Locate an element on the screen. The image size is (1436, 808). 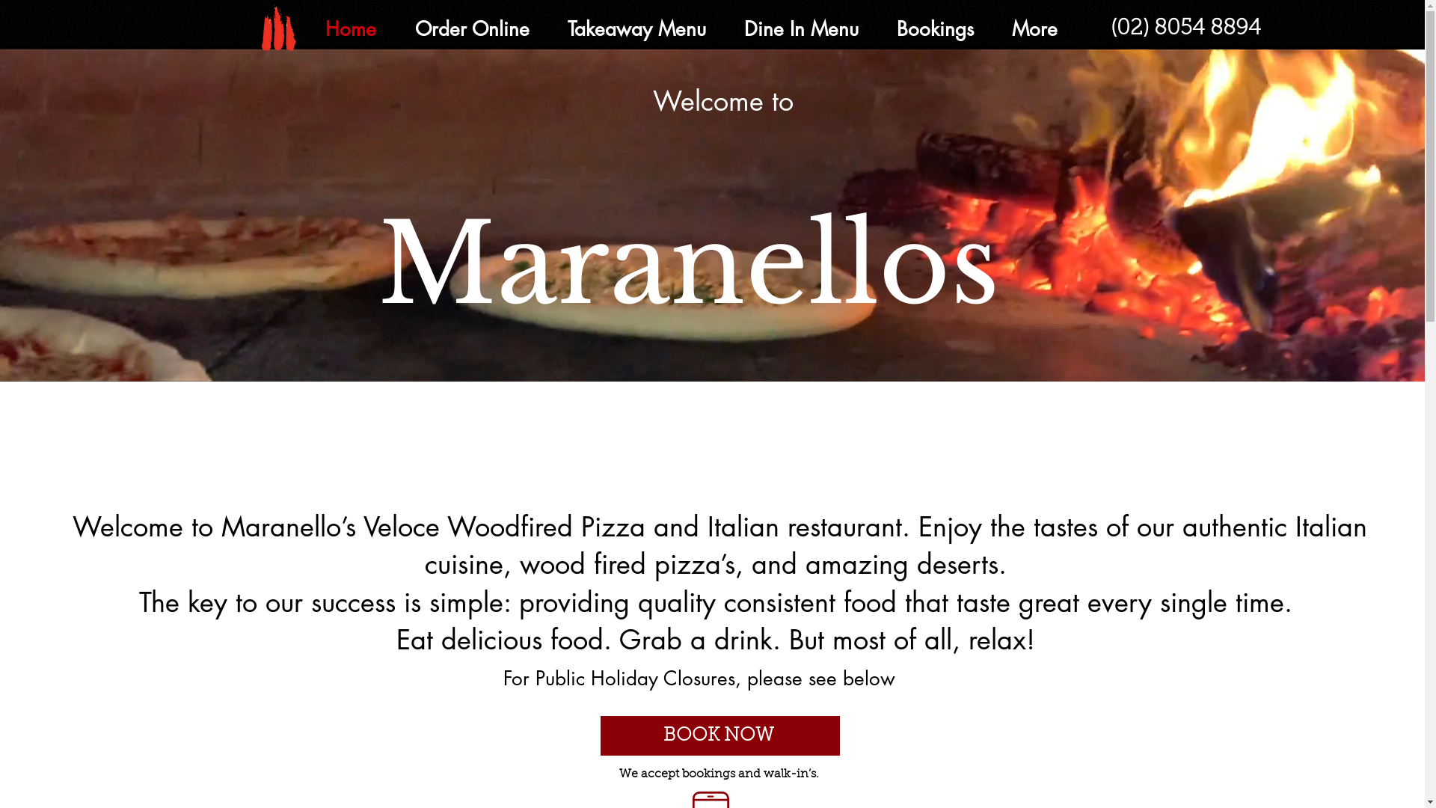
'Order Online' is located at coordinates (470, 29).